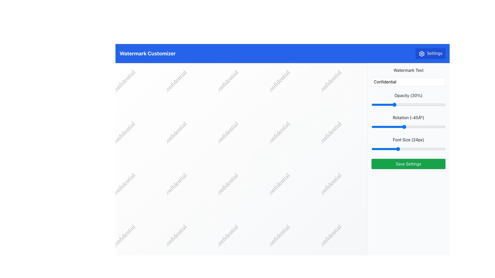 The image size is (495, 278). I want to click on the font size slider, so click(399, 149).